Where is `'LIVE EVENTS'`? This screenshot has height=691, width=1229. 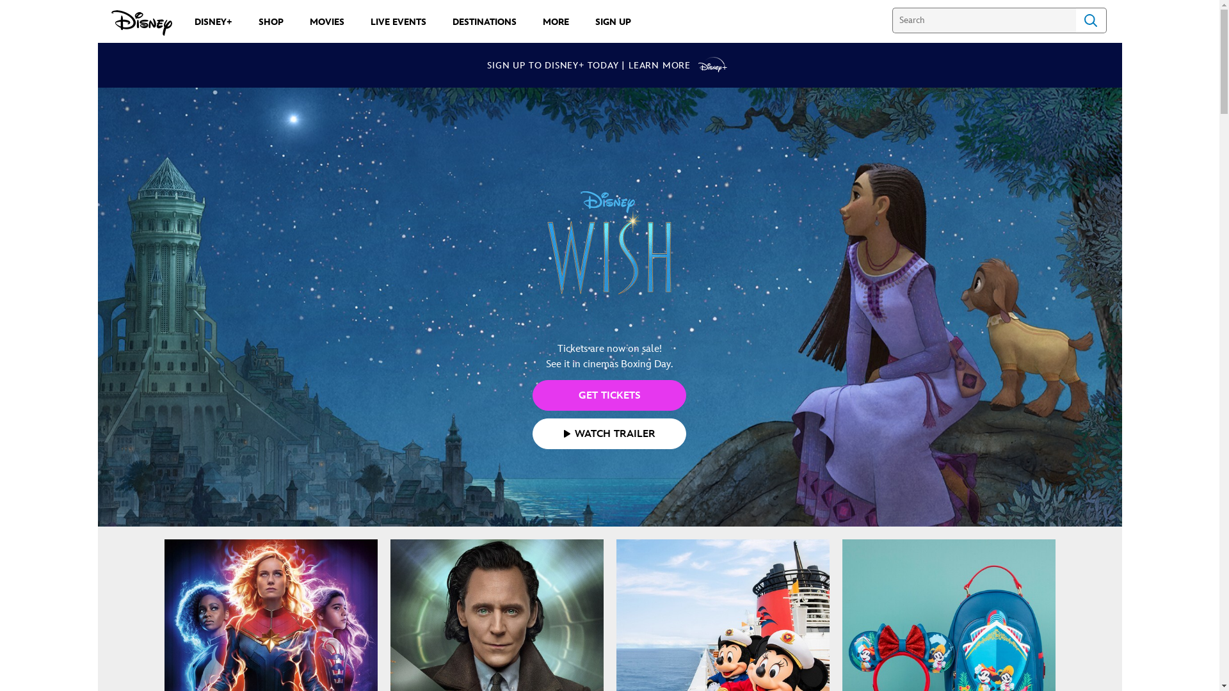 'LIVE EVENTS' is located at coordinates (397, 21).